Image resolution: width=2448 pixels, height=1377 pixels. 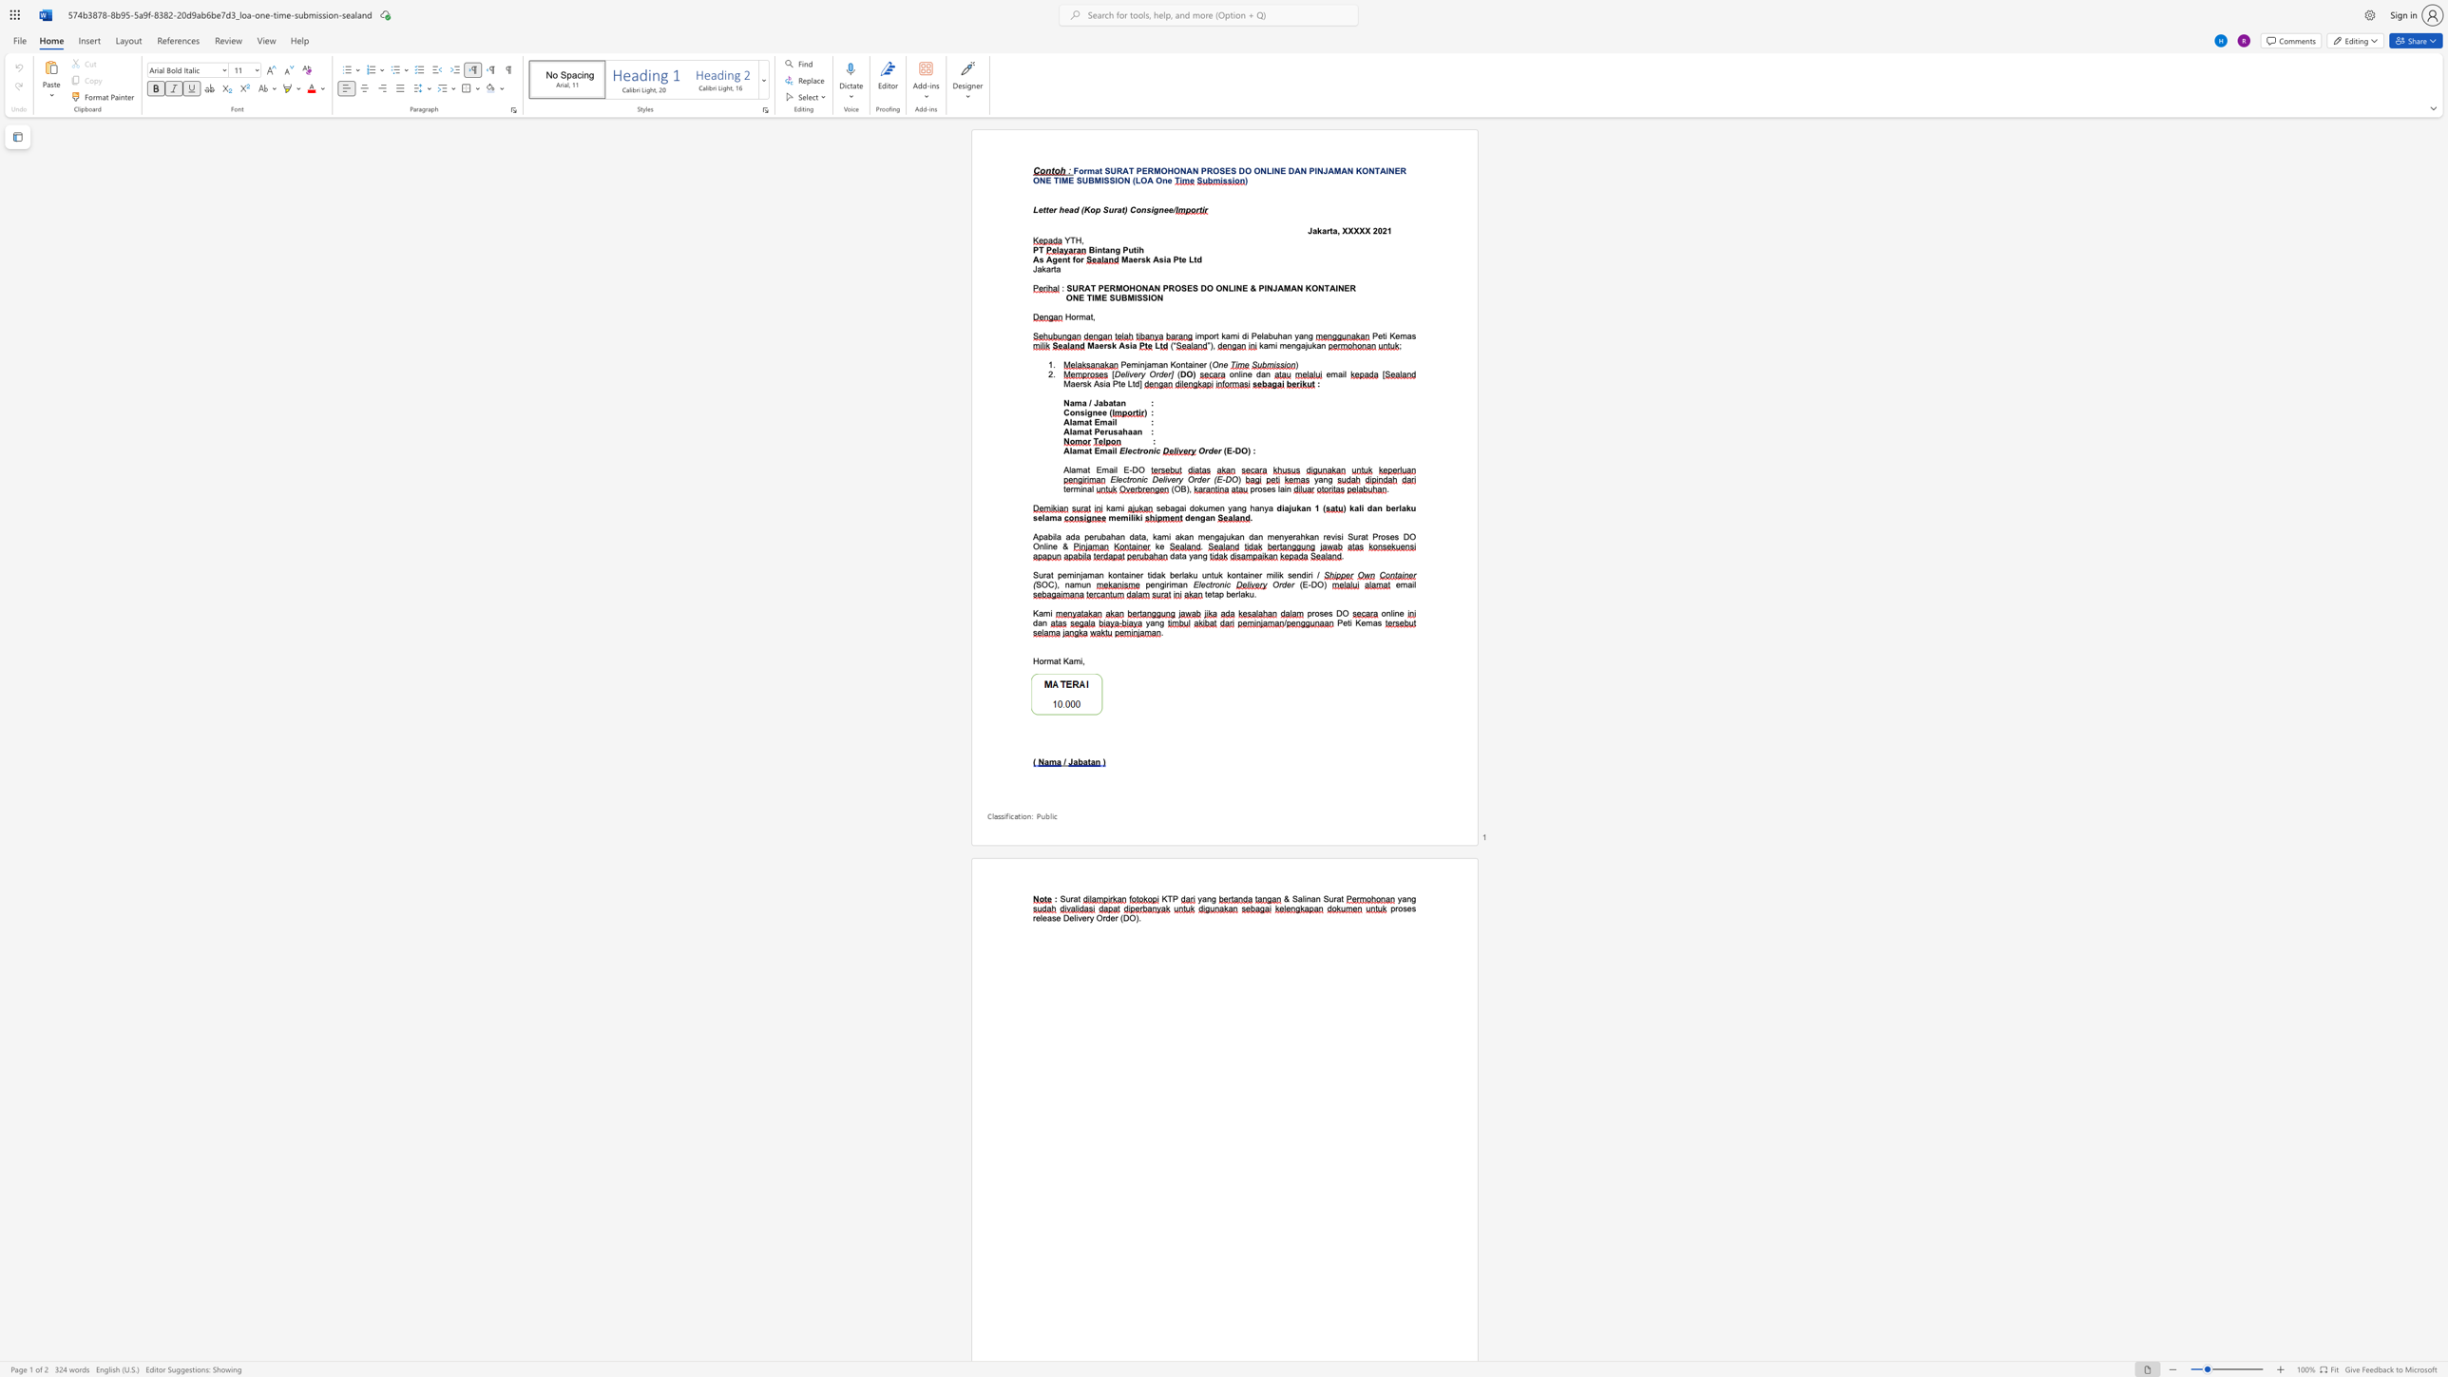 What do you see at coordinates (1329, 230) in the screenshot?
I see `the subset text "ta" within the text "Jakarta, XXXXX"` at bounding box center [1329, 230].